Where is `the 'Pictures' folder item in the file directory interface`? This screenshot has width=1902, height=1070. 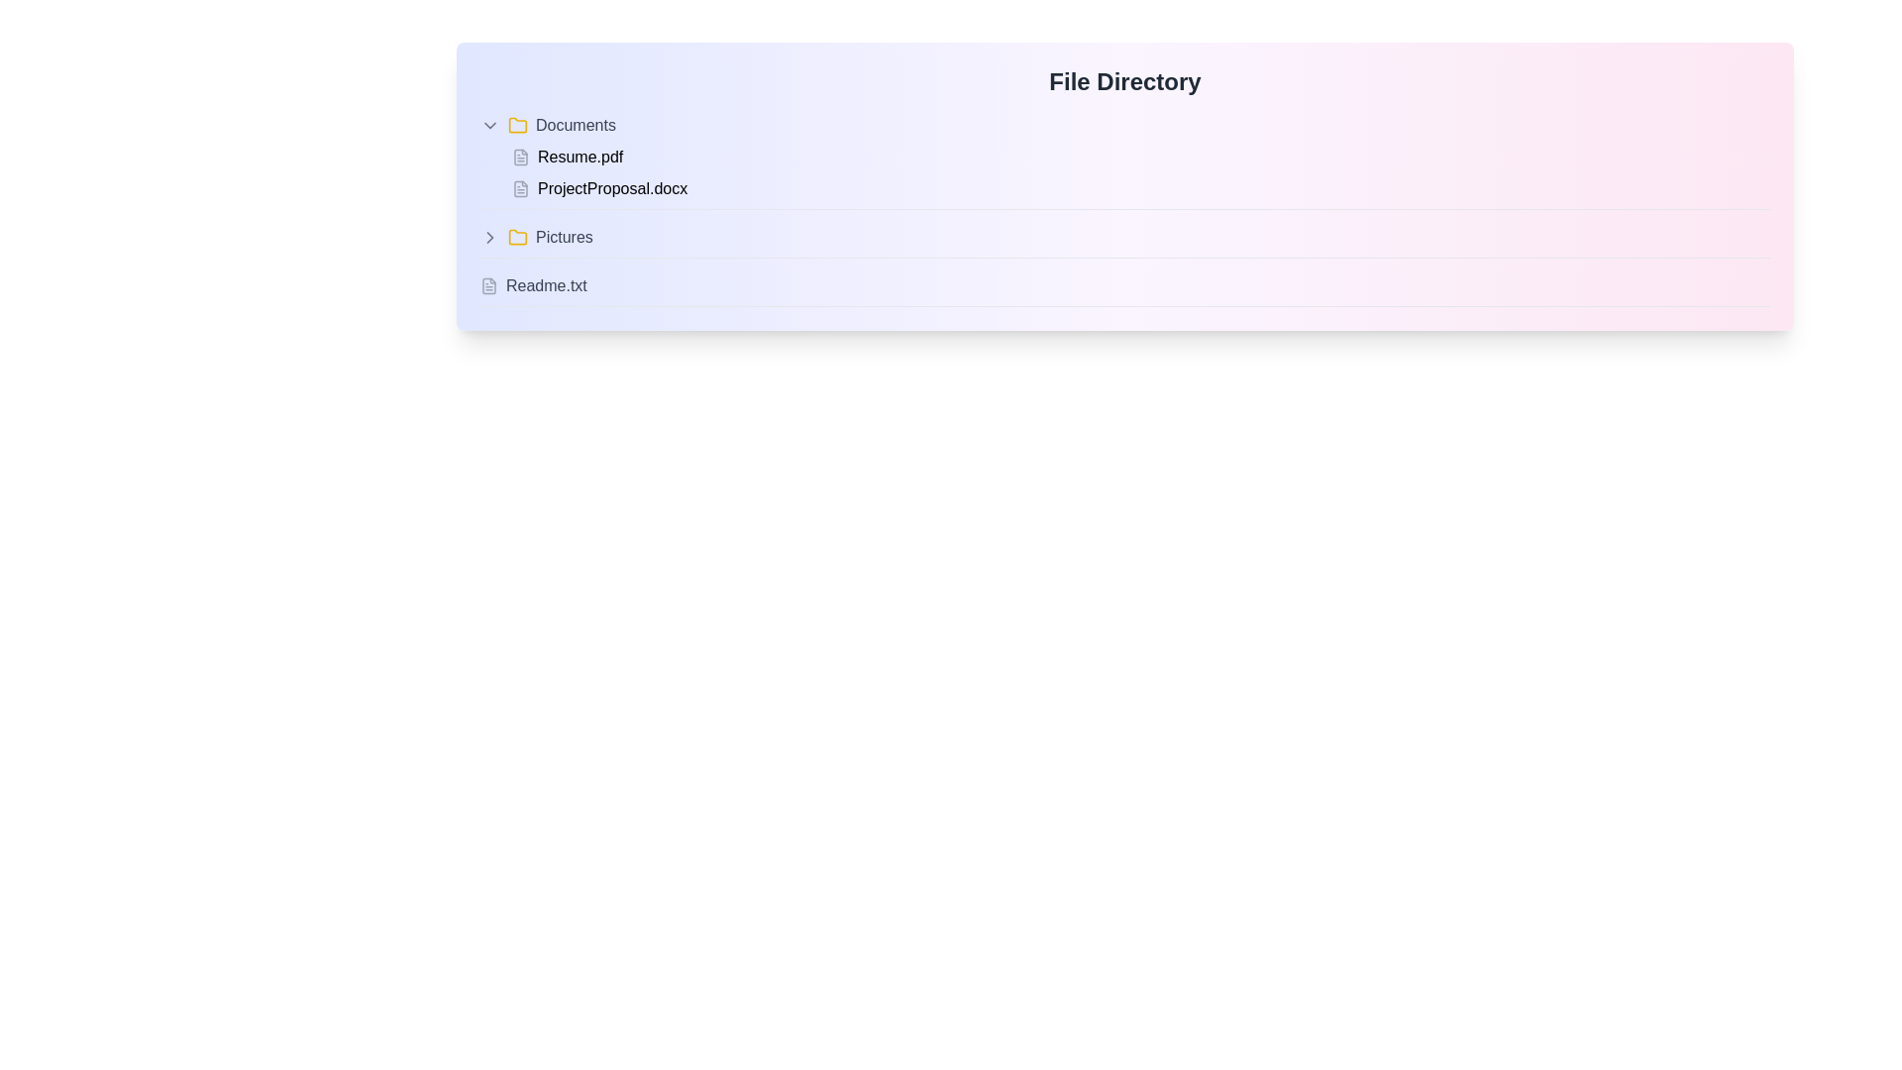
the 'Pictures' folder item in the file directory interface is located at coordinates (1125, 241).